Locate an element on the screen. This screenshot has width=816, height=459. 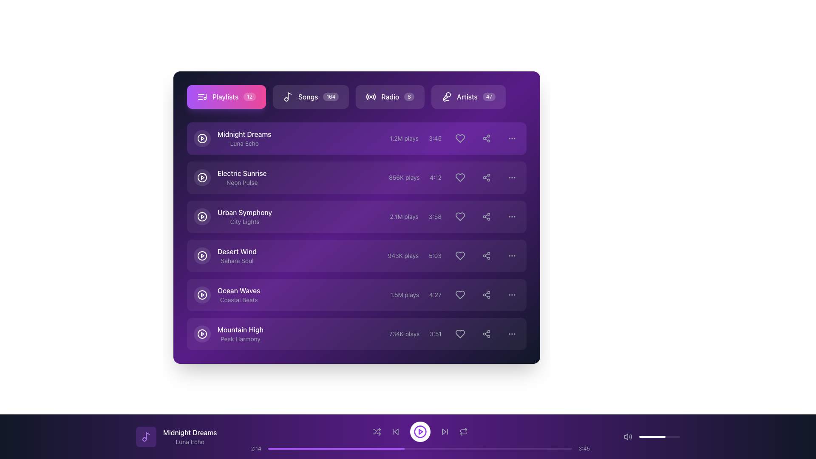
the circular play button with a white triangular play symbol, located to the left of the 'Midnight Dreams' playlist entry is located at coordinates (201, 138).